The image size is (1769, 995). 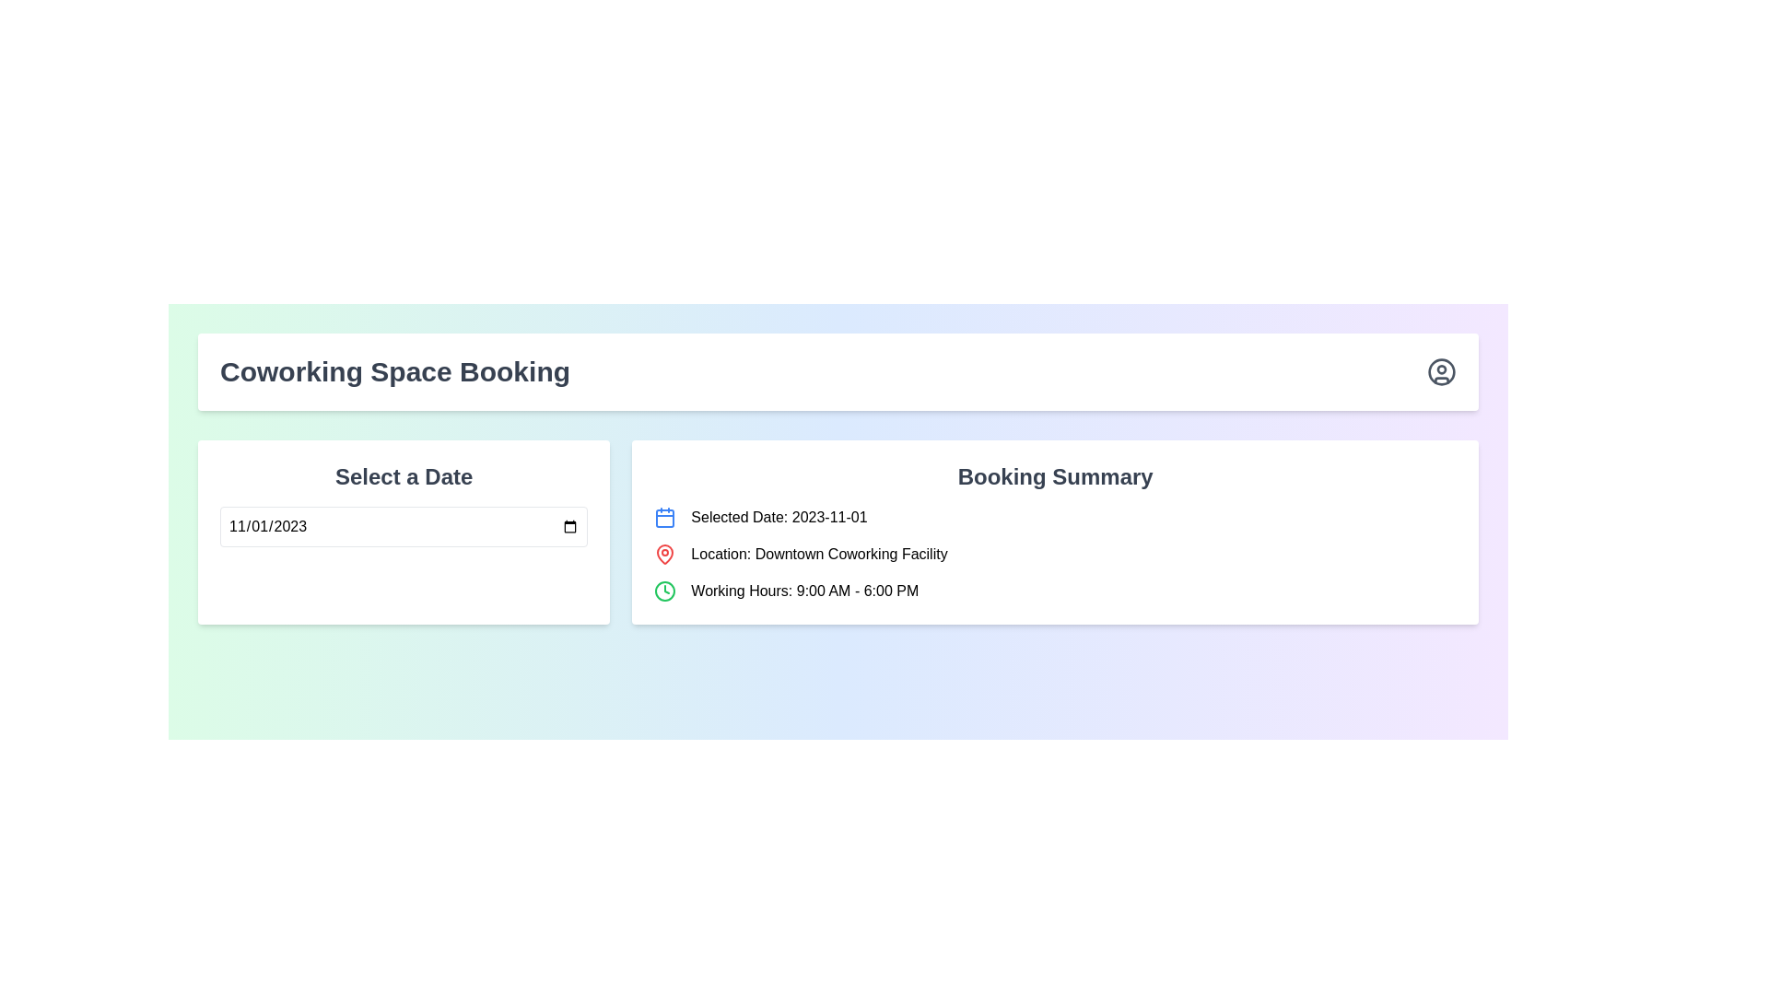 I want to click on the user profile icon located at the far right of the horizontal header bar, adjacent to the title 'Coworking Space Booking', so click(x=1440, y=372).